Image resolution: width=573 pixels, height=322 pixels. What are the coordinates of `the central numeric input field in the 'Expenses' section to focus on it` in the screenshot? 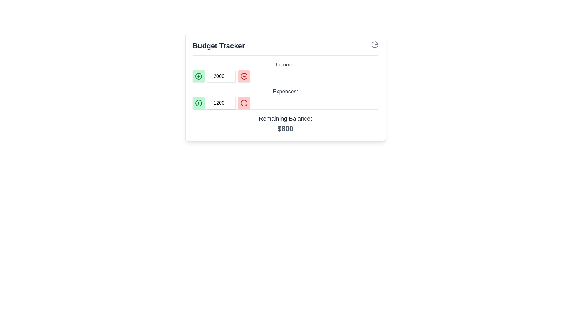 It's located at (221, 103).